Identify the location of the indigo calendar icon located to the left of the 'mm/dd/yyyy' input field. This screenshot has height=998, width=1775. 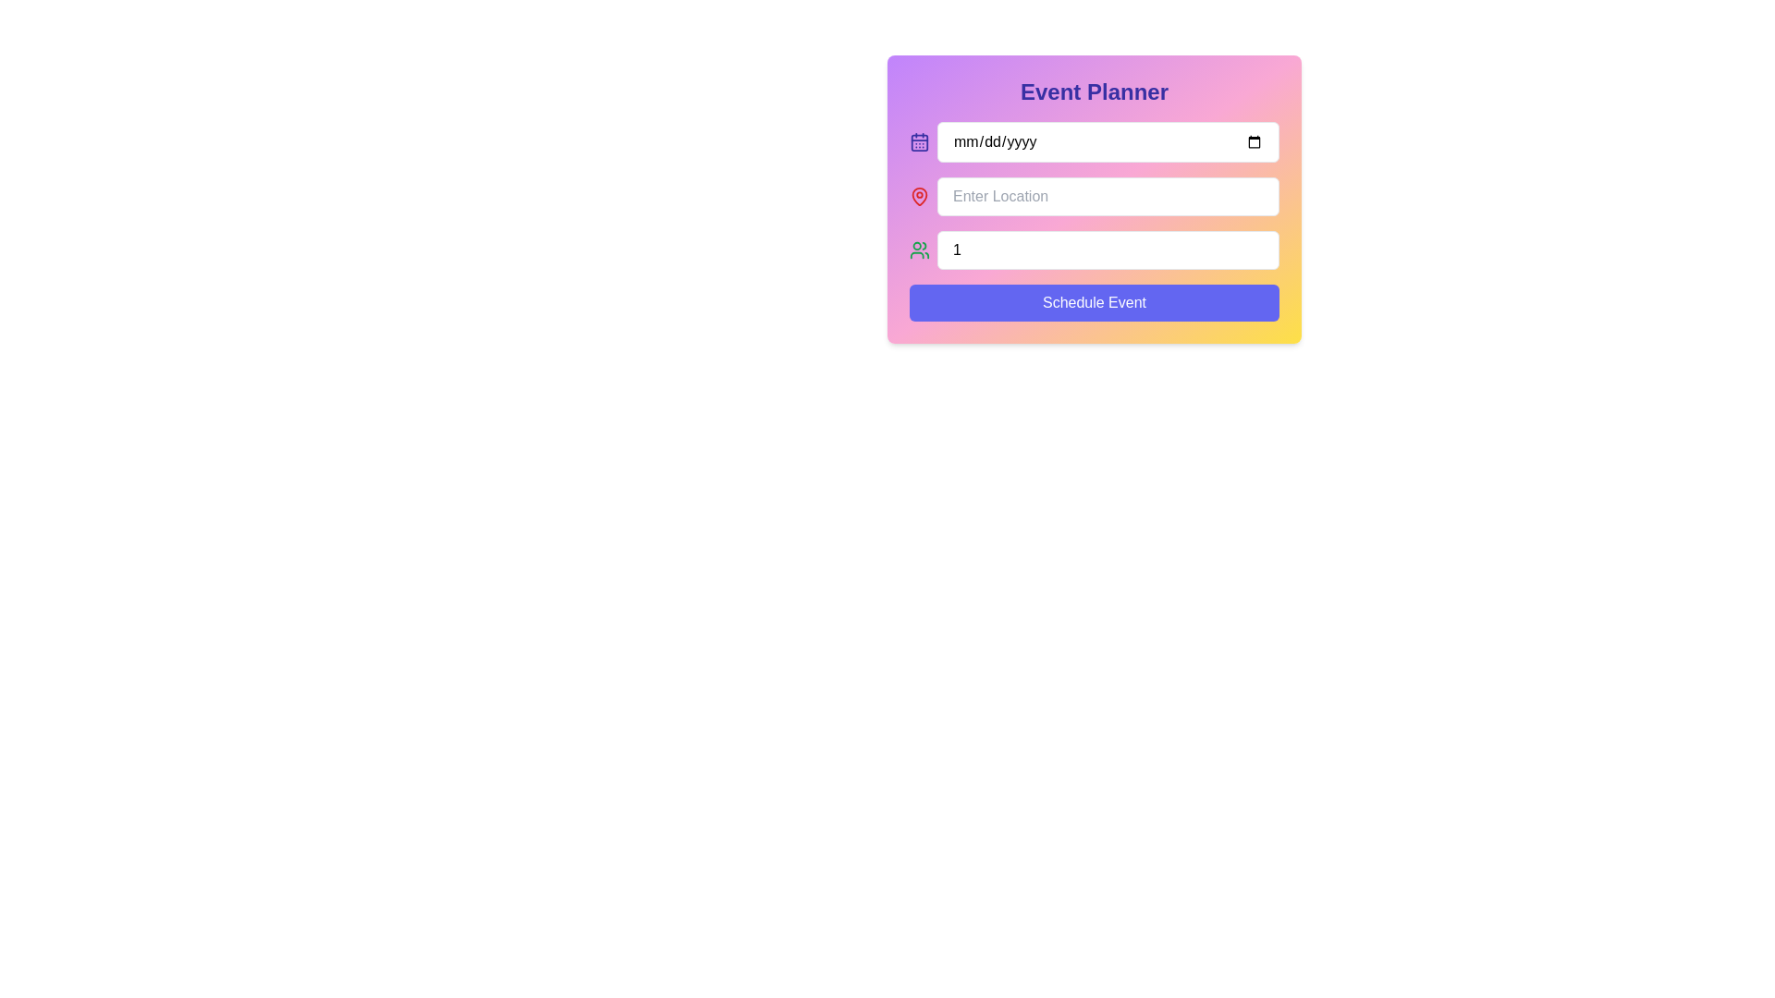
(919, 141).